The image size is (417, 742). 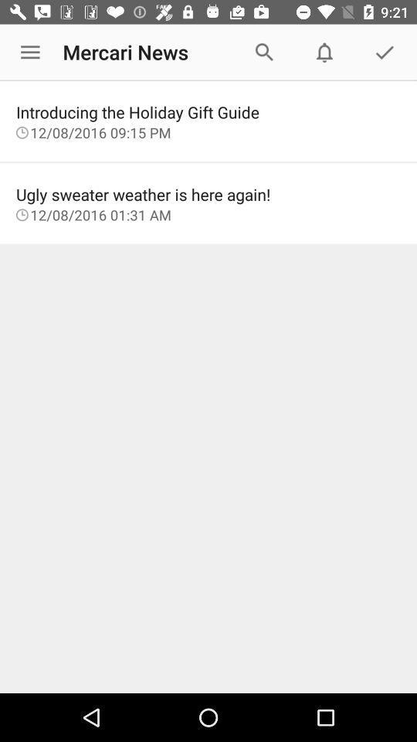 What do you see at coordinates (208, 193) in the screenshot?
I see `the item below the 12 08 2016 item` at bounding box center [208, 193].